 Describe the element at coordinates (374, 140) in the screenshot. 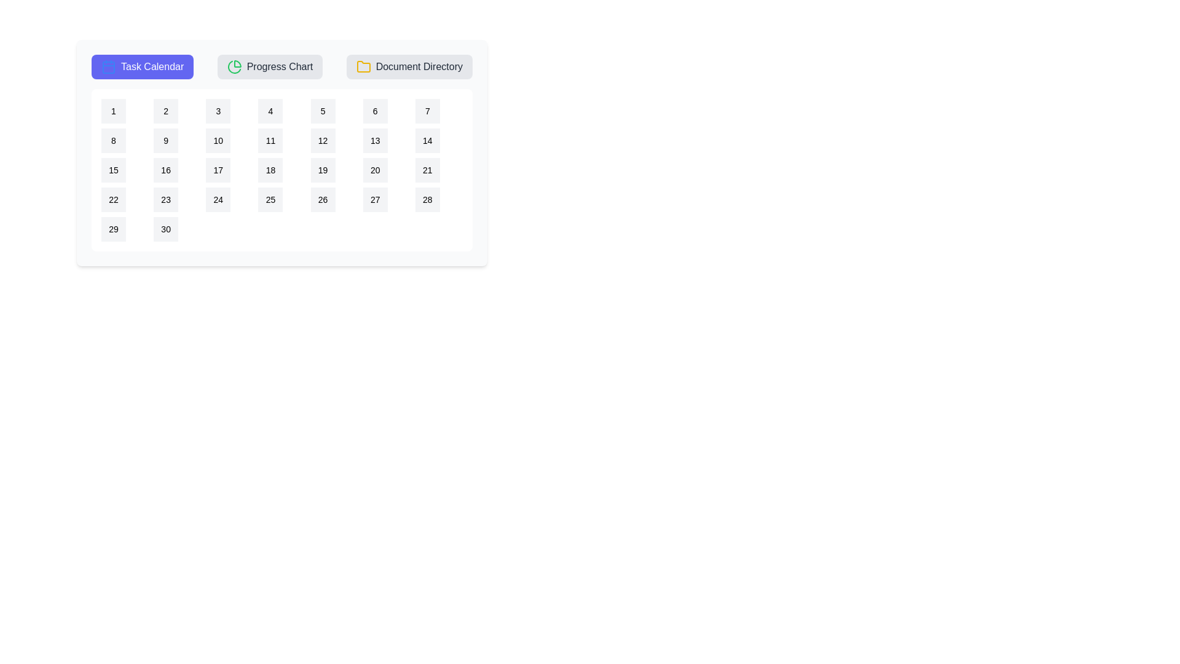

I see `the calendar date 13` at that location.